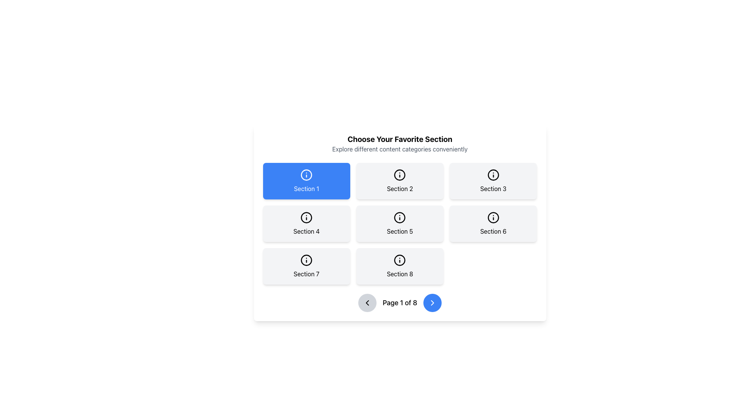 The width and height of the screenshot is (731, 411). What do you see at coordinates (367, 302) in the screenshot?
I see `the circular button with a light gray background and a leftward-pointing chevron icon located in the pagination section beneath the grid` at bounding box center [367, 302].